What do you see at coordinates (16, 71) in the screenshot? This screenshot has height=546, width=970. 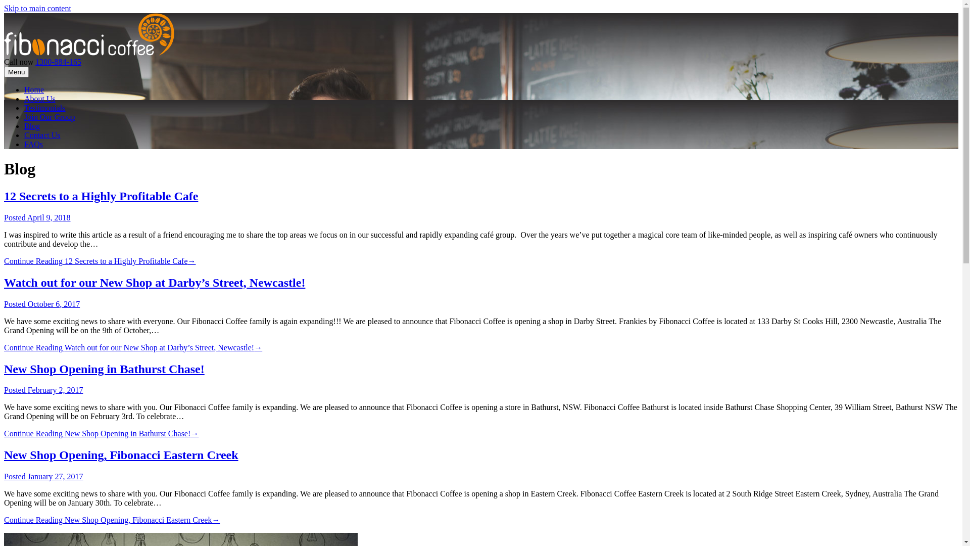 I see `'Menu'` at bounding box center [16, 71].